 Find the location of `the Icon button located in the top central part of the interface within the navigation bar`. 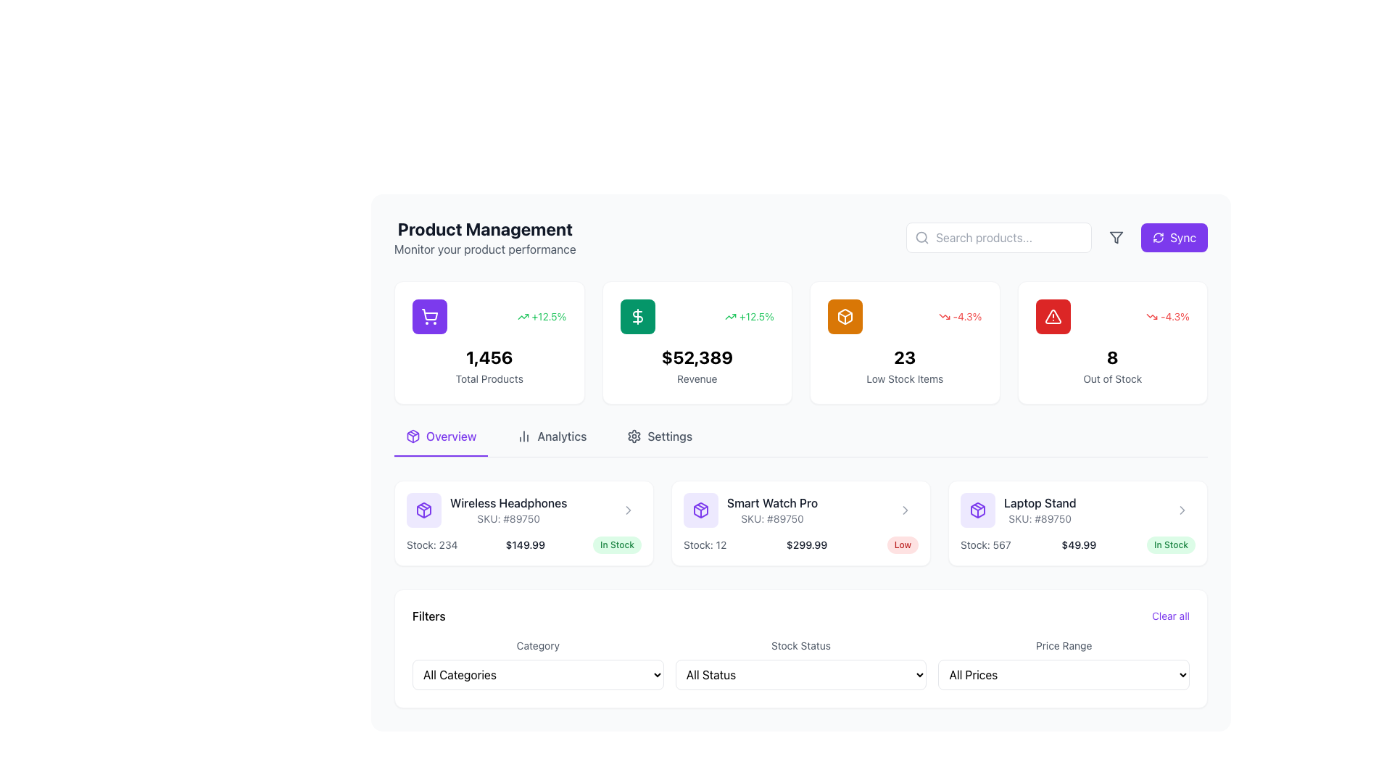

the Icon button located in the top central part of the interface within the navigation bar is located at coordinates (634, 435).